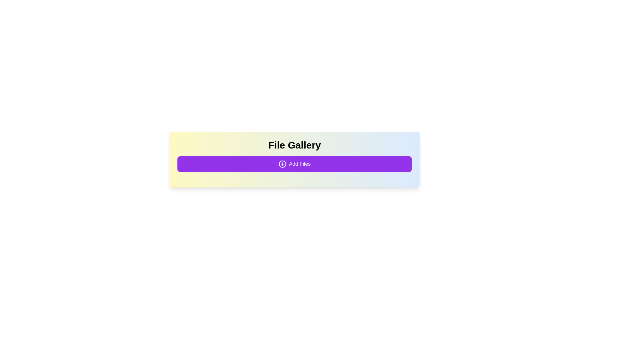 This screenshot has height=351, width=625. Describe the element at coordinates (282, 164) in the screenshot. I see `the circular icon with a plus symbol located at the center of the 'Add Files' button within the purple background of the 'File Gallery' section` at that location.